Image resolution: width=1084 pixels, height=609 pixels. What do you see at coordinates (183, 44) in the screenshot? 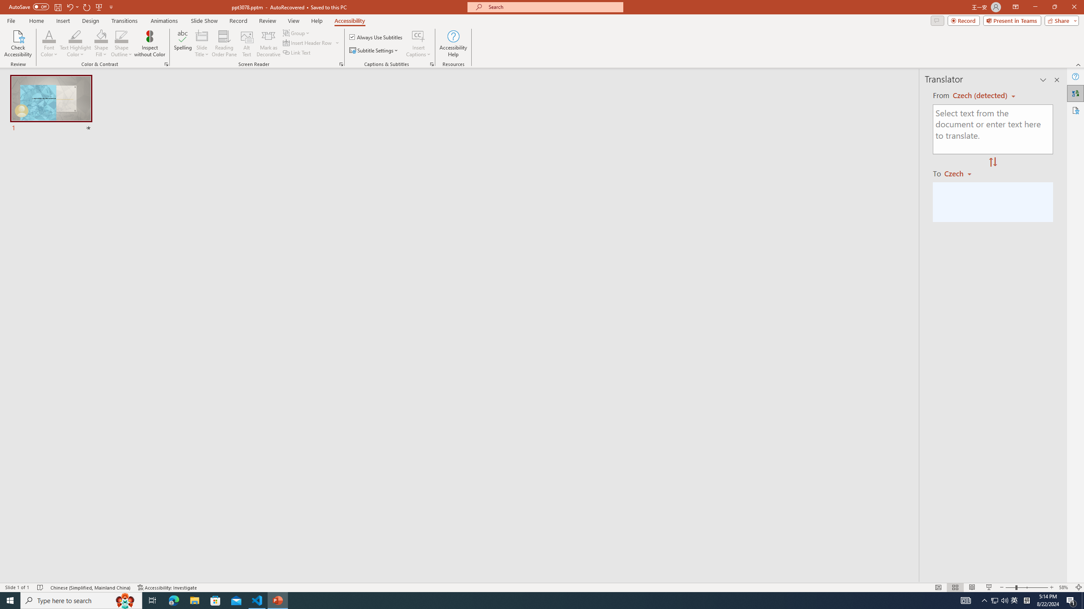
I see `'Spelling...'` at bounding box center [183, 44].